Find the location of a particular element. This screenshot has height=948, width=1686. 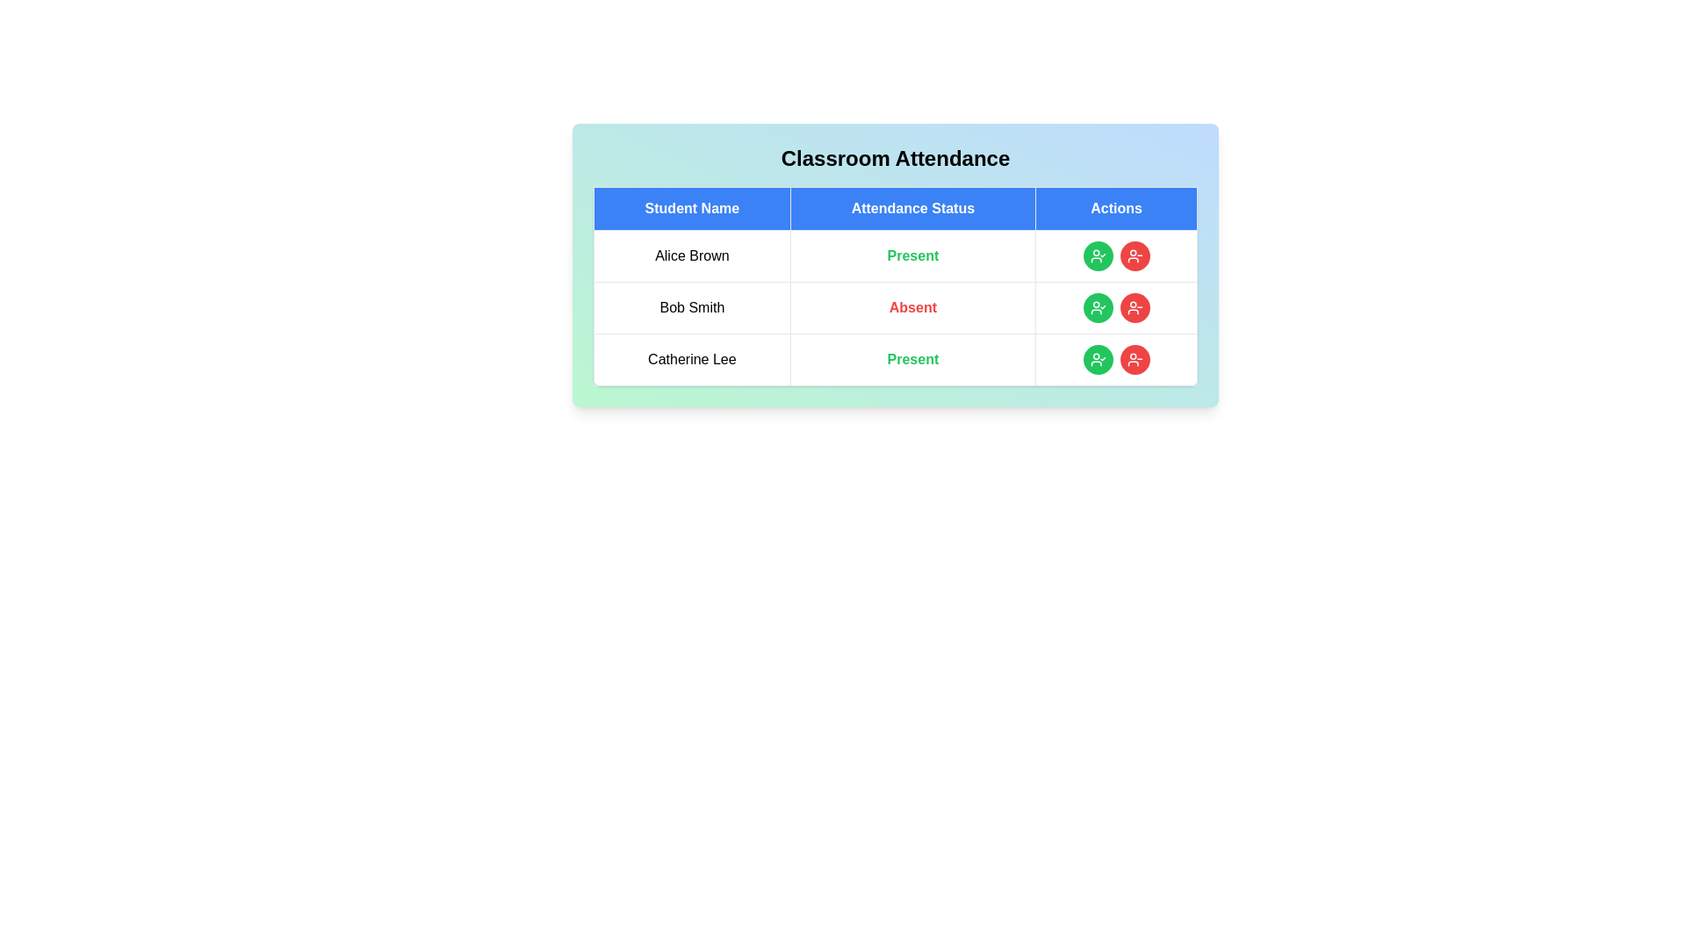

'Mark Absent' button for the student Bob Smith is located at coordinates (1135, 307).